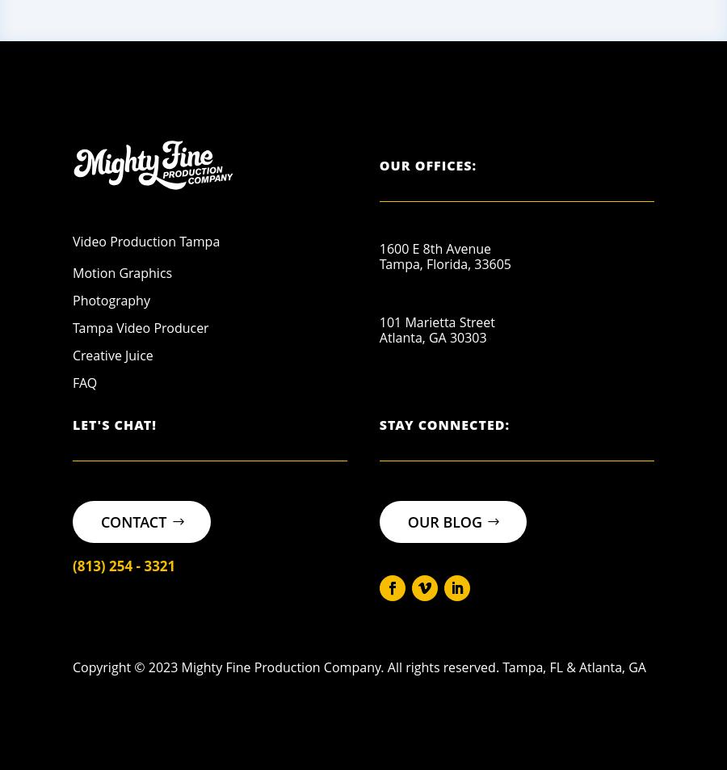  I want to click on 'Tampa Video Producer', so click(72, 326).